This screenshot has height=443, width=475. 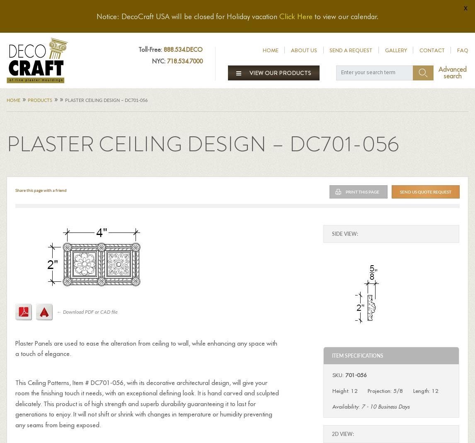 I want to click on 'Share this page with a friend', so click(x=41, y=190).